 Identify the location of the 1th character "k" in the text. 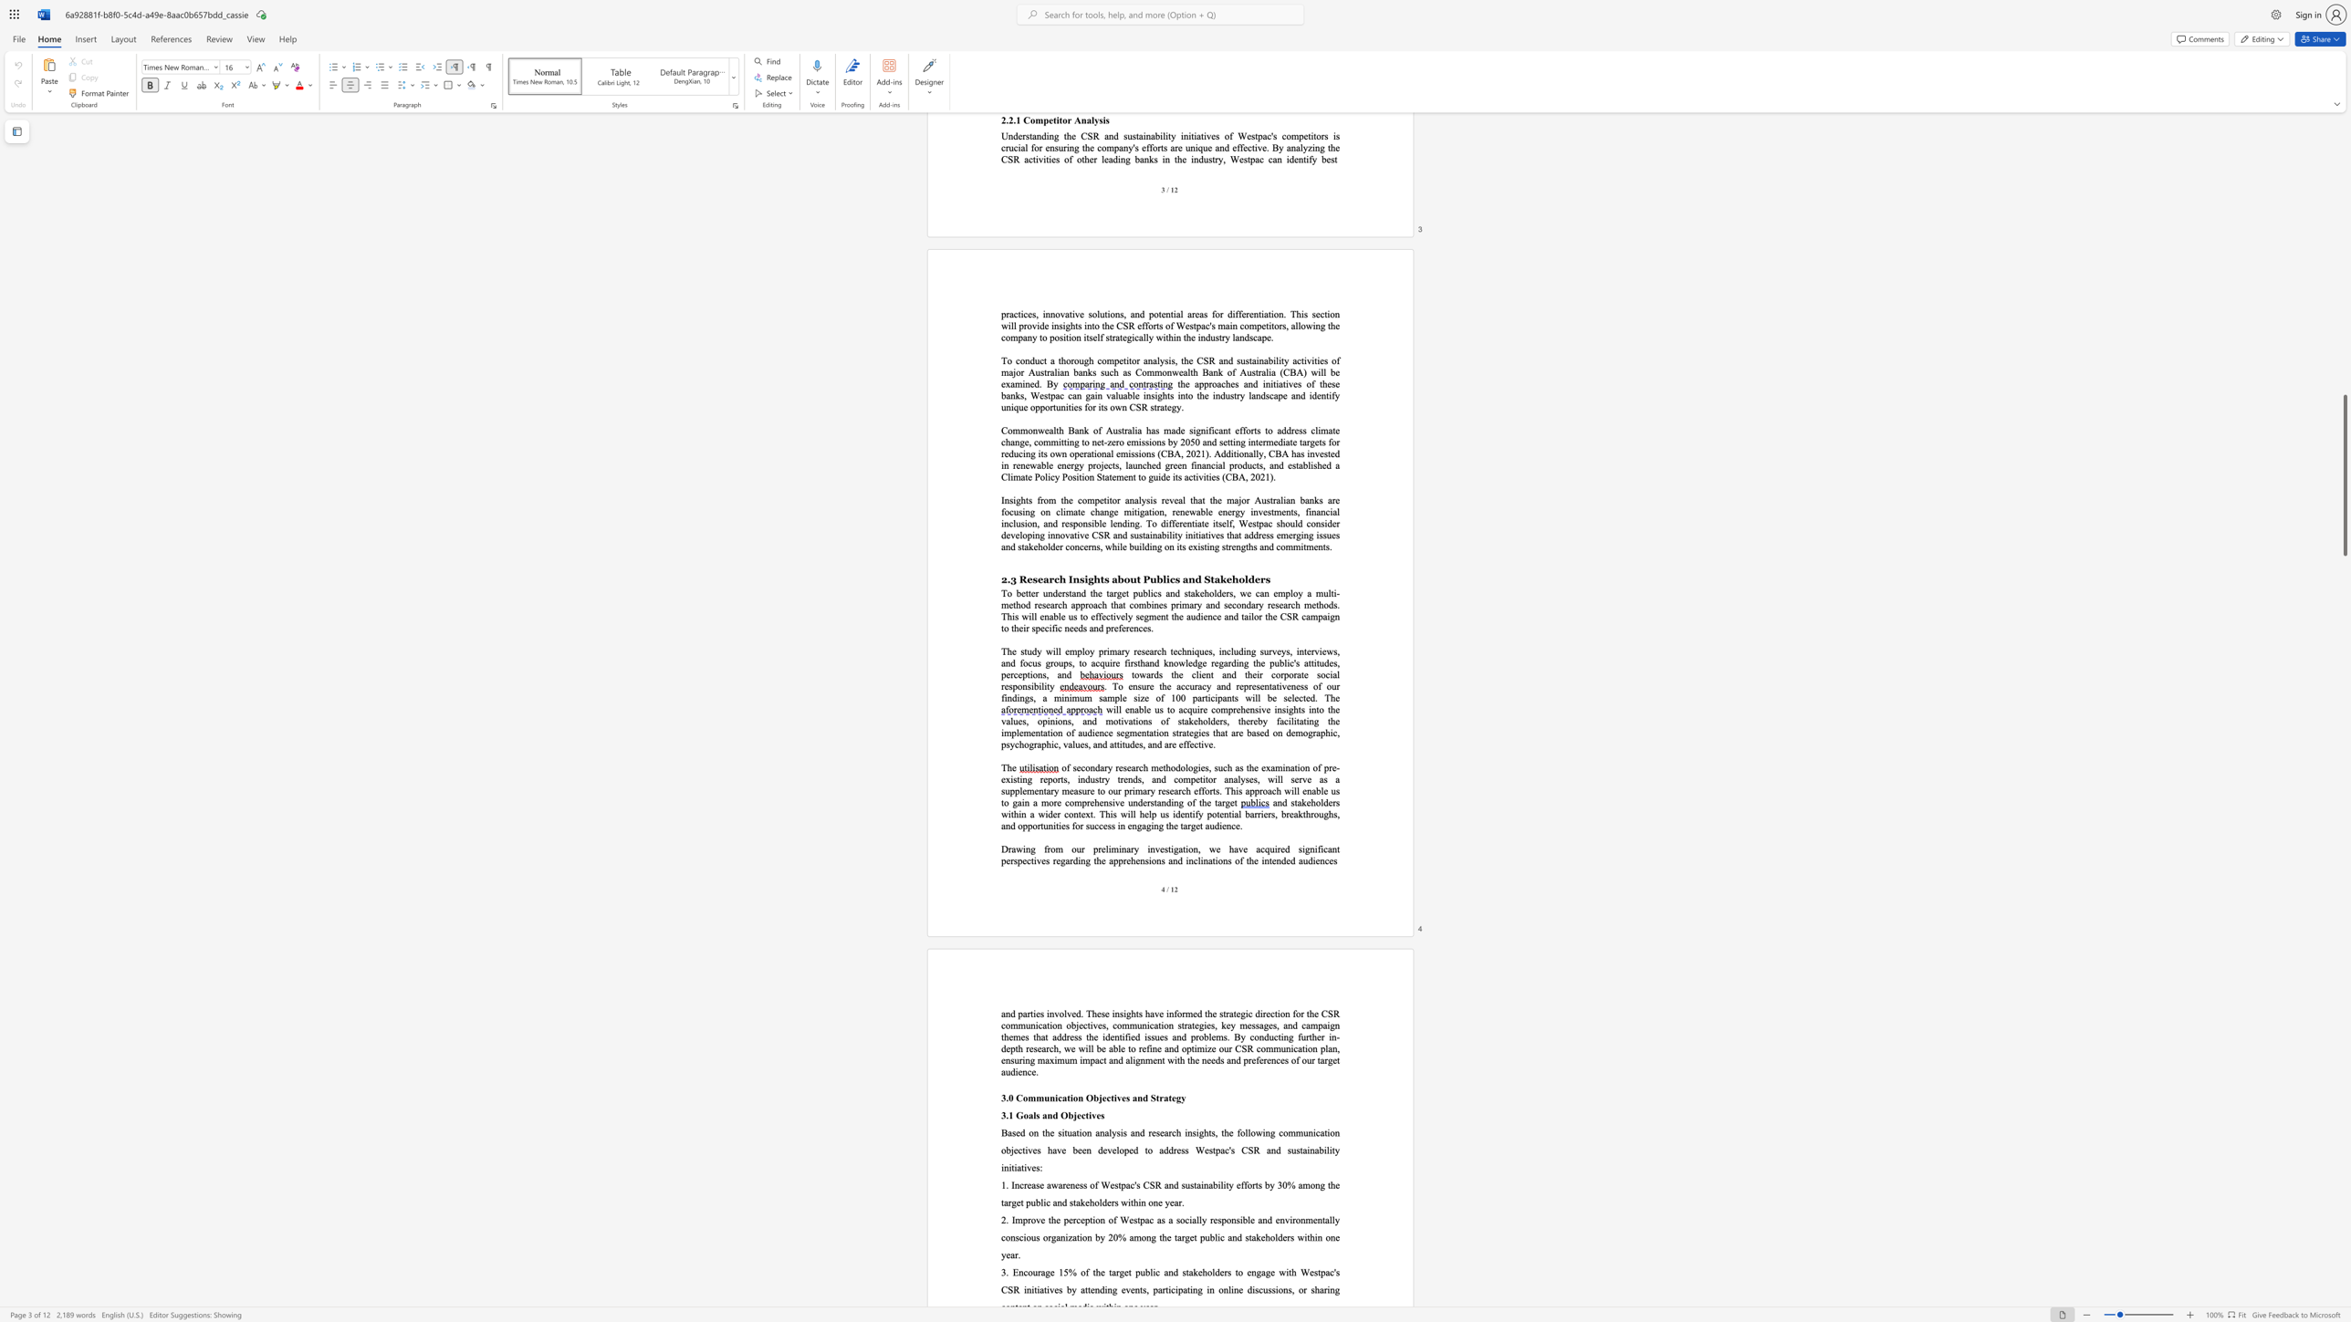
(1303, 801).